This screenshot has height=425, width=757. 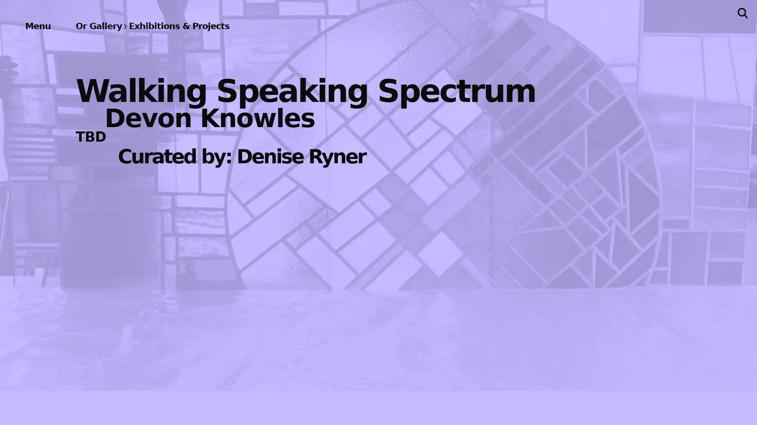 I want to click on About, so click(x=171, y=312).